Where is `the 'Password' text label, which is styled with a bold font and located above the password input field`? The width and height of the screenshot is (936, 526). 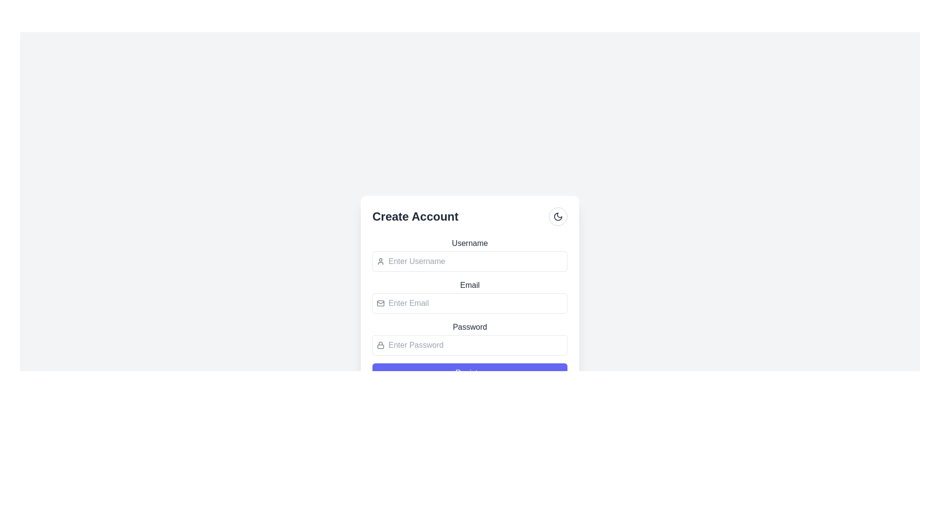 the 'Password' text label, which is styled with a bold font and located above the password input field is located at coordinates (470, 327).